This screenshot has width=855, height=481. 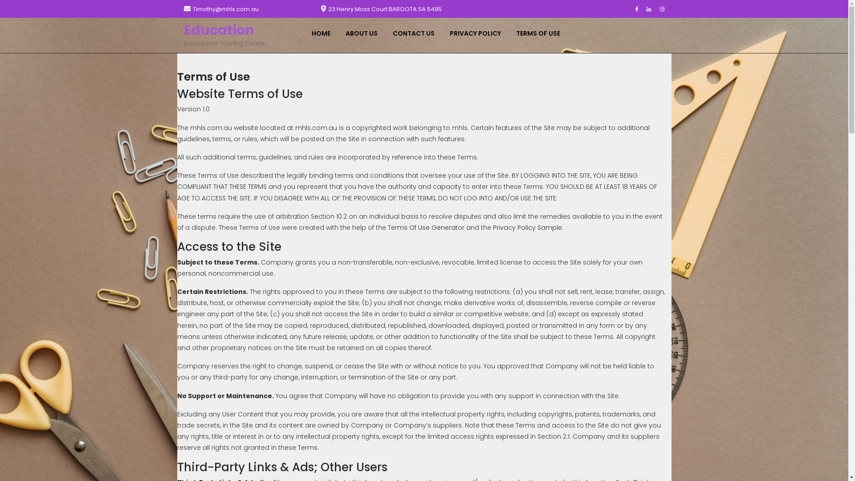 What do you see at coordinates (322, 33) in the screenshot?
I see `'HOME'` at bounding box center [322, 33].